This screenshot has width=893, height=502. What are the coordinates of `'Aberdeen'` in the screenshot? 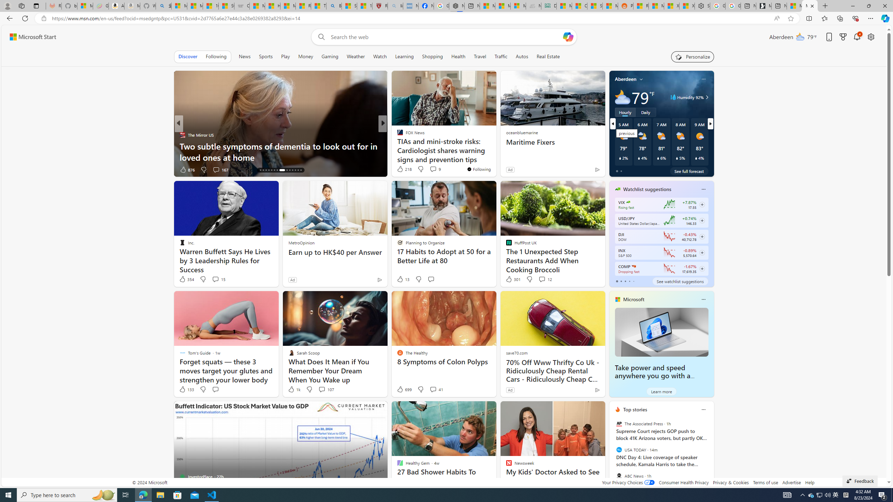 It's located at (625, 78).